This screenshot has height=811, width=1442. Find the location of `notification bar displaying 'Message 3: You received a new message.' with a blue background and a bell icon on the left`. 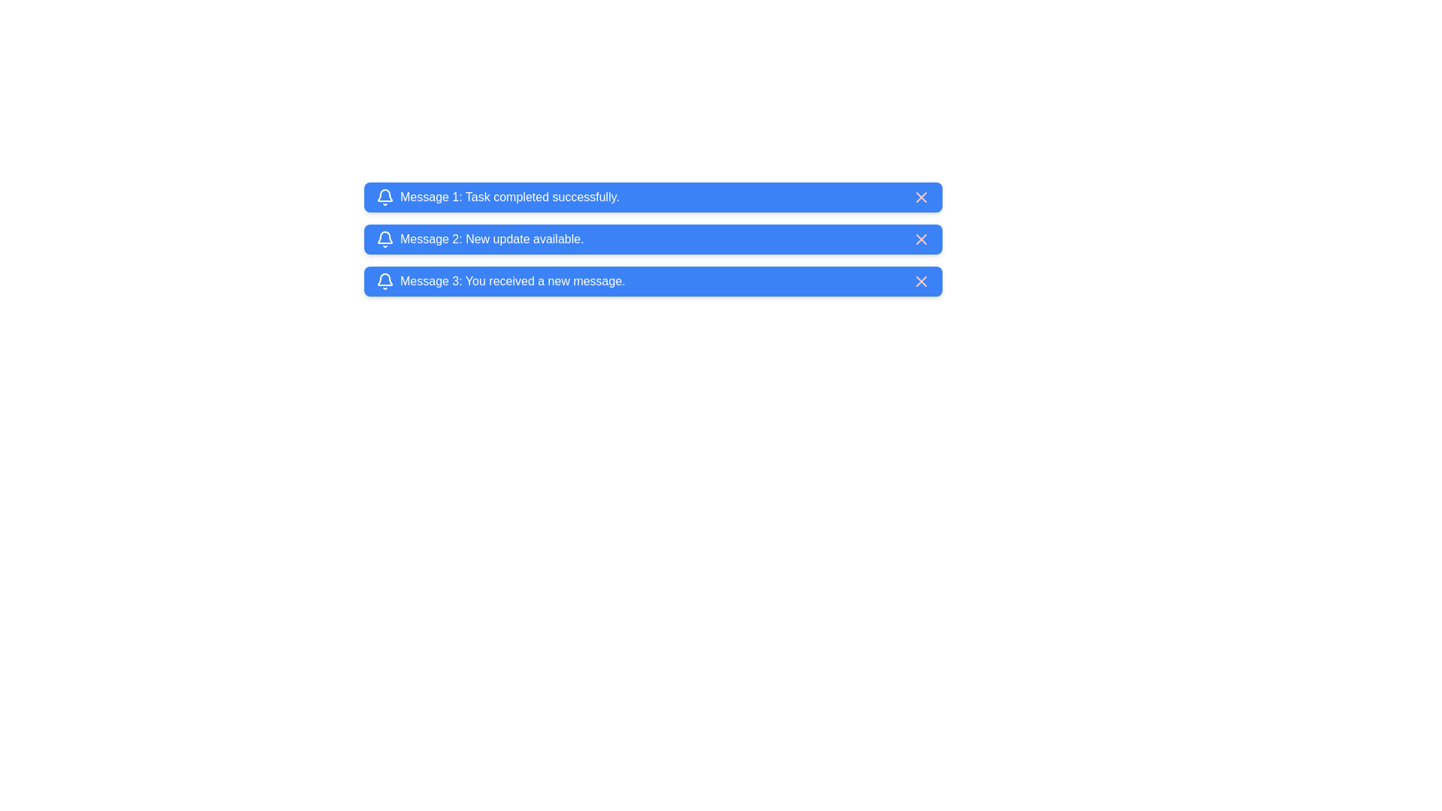

notification bar displaying 'Message 3: You received a new message.' with a blue background and a bell icon on the left is located at coordinates (500, 281).